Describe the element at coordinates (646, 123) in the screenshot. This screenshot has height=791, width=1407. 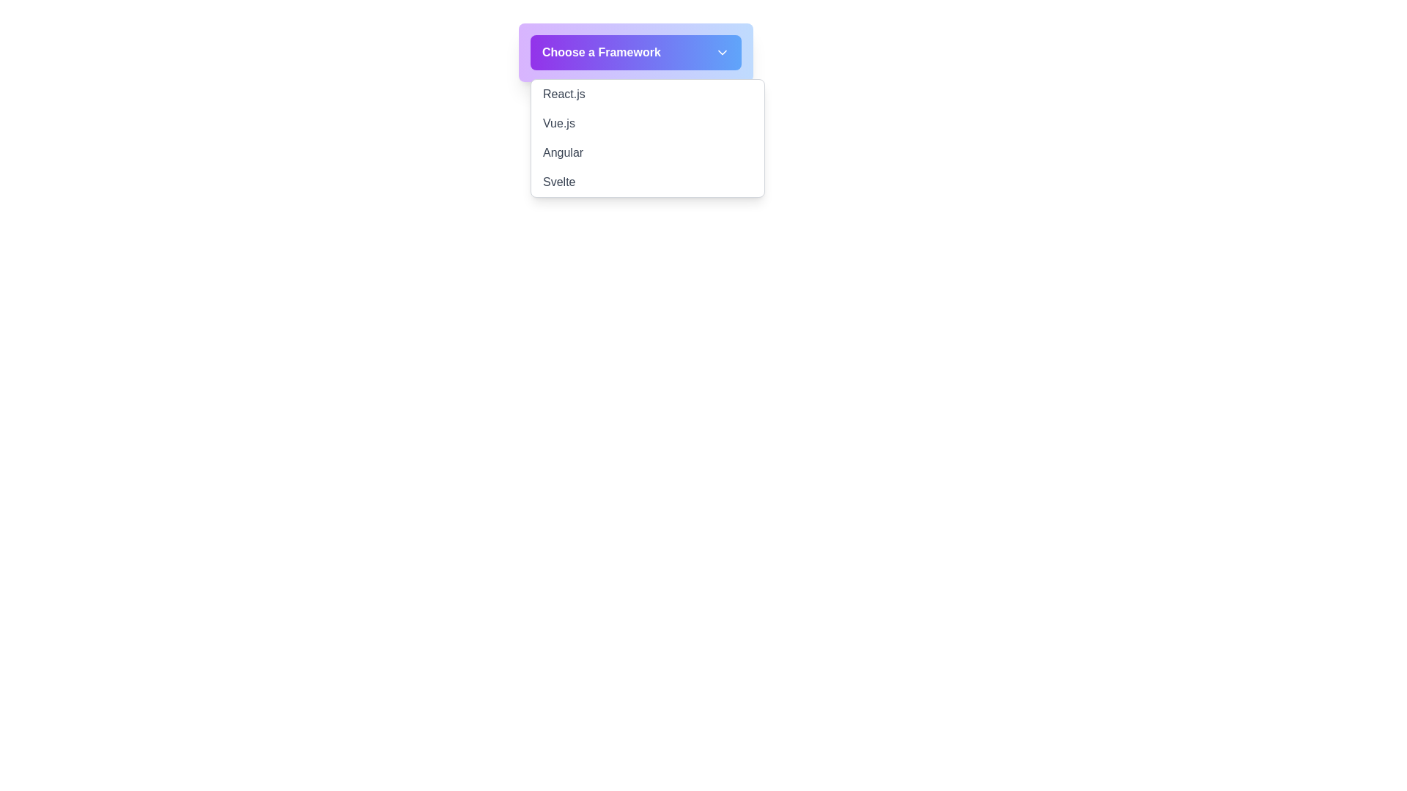
I see `the second list item in the dropdown menu labeled 'Vue.js'` at that location.